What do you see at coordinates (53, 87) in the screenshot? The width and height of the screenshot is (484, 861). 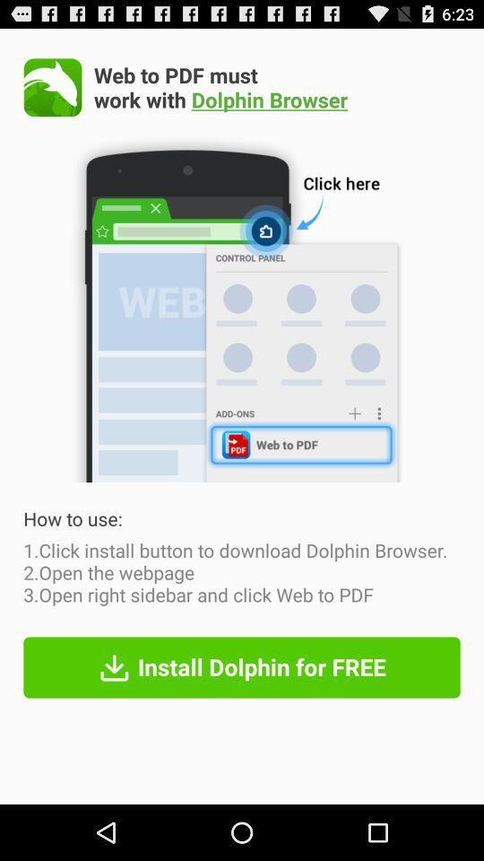 I see `icon at the top left corner` at bounding box center [53, 87].